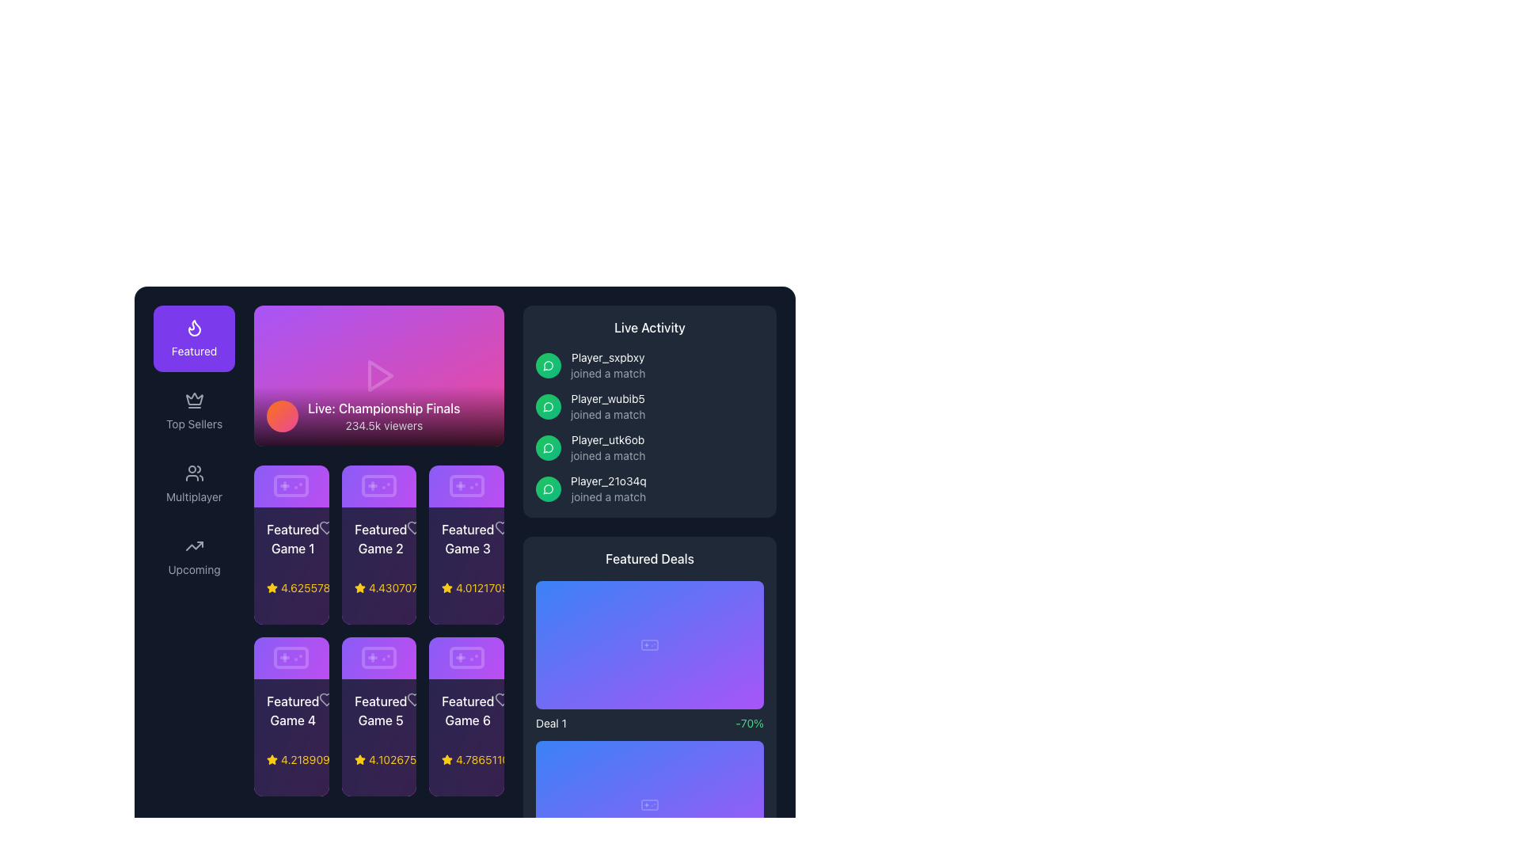  I want to click on the star in the rating indicator for 'Featured Game 2', so click(415, 587).